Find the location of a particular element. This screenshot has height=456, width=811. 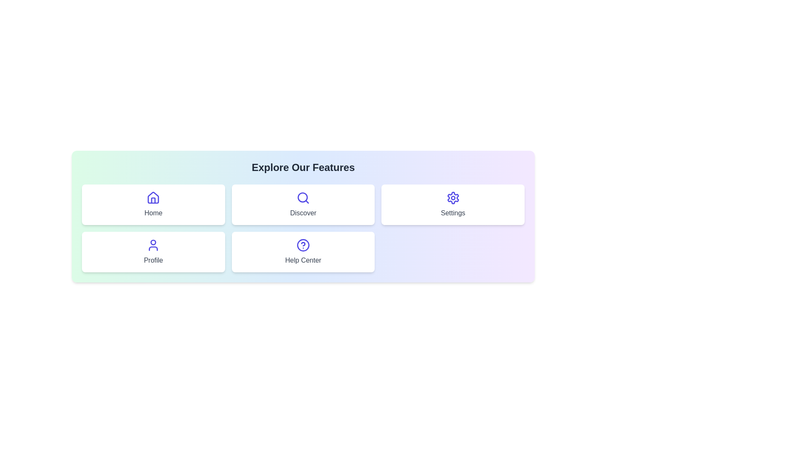

the Help Center button, which is a card component with a white background, rounded corners, and a question mark icon in indigo, located in the bottom-right corner of a 2x3 grid layout is located at coordinates (303, 252).